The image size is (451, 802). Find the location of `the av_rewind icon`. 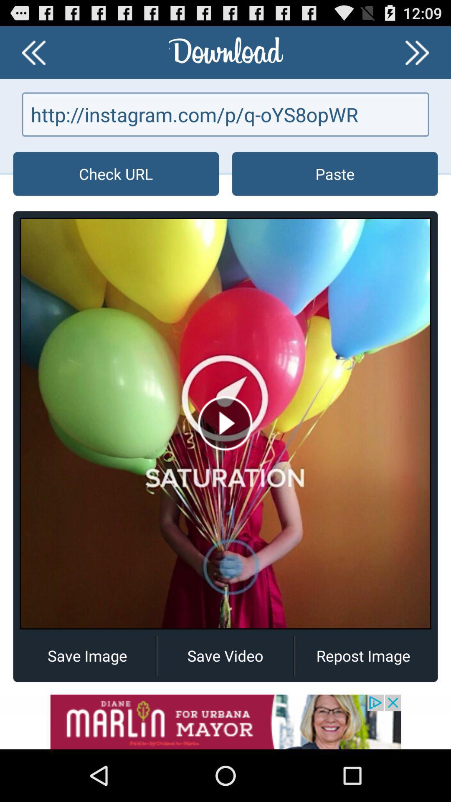

the av_rewind icon is located at coordinates (33, 56).